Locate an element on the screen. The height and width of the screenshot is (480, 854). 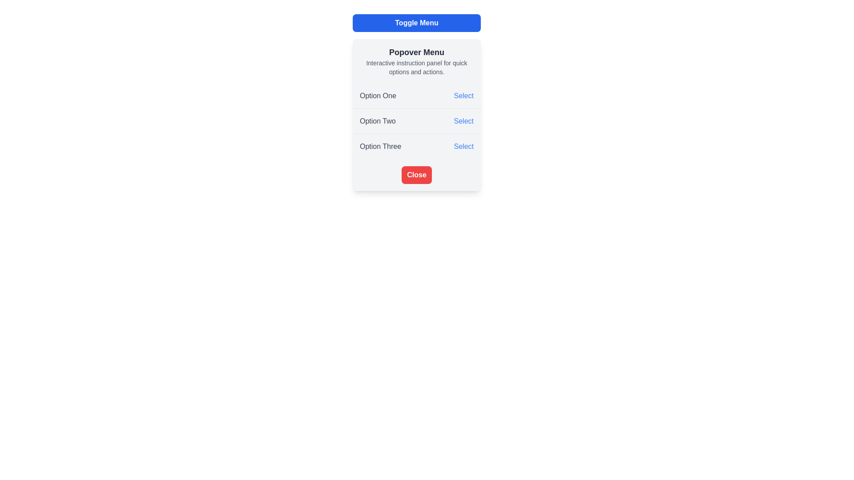
the close button located at the bottom of the centered pop-up menu is located at coordinates (416, 175).